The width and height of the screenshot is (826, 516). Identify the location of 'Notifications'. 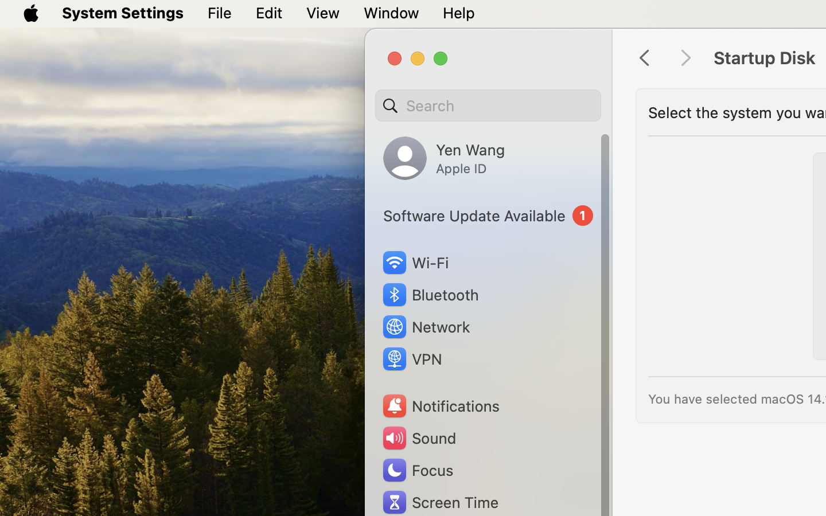
(439, 405).